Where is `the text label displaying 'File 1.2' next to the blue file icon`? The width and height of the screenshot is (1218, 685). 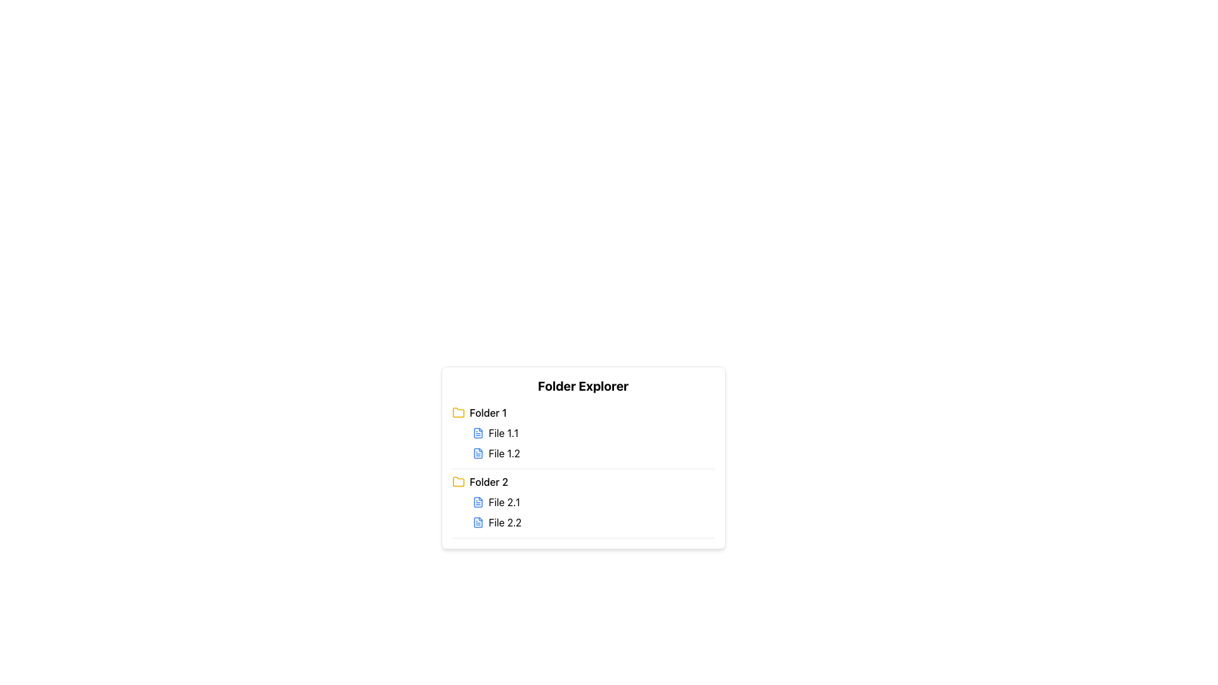
the text label displaying 'File 1.2' next to the blue file icon is located at coordinates (504, 452).